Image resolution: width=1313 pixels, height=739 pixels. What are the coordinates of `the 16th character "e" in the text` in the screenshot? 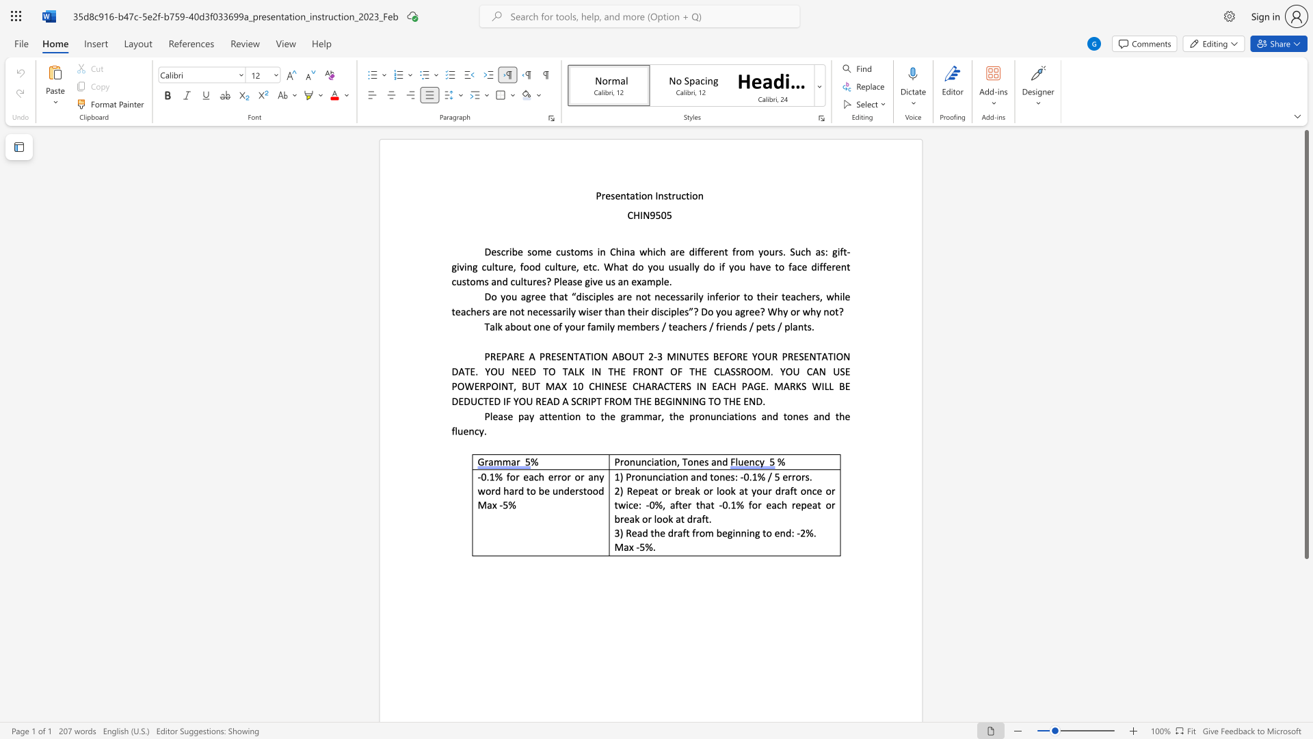 It's located at (544, 311).